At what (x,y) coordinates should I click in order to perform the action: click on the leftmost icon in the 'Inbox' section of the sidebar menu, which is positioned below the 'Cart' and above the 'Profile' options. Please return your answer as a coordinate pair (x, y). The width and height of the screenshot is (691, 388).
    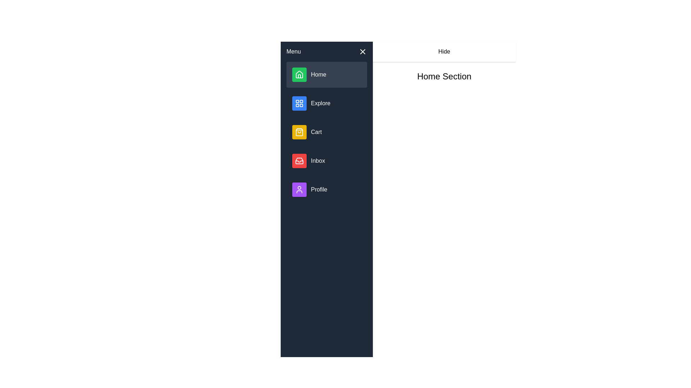
    Looking at the image, I should click on (299, 160).